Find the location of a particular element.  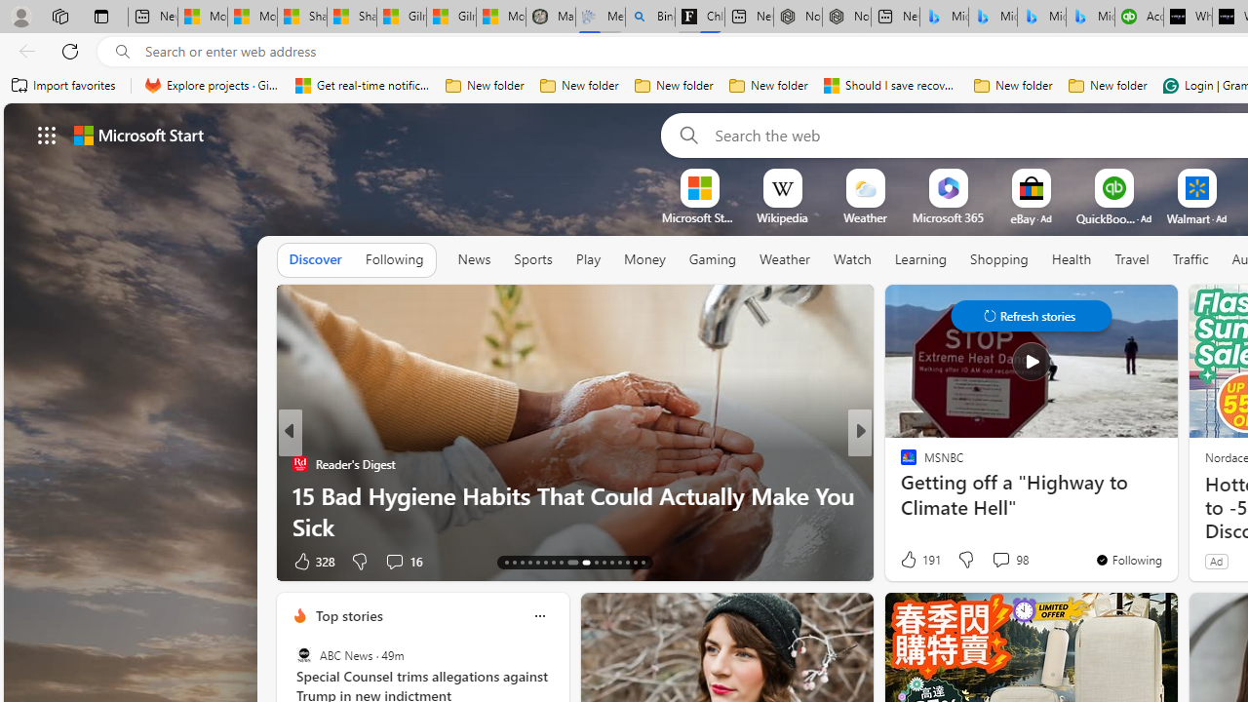

'152 Like' is located at coordinates (912, 561).